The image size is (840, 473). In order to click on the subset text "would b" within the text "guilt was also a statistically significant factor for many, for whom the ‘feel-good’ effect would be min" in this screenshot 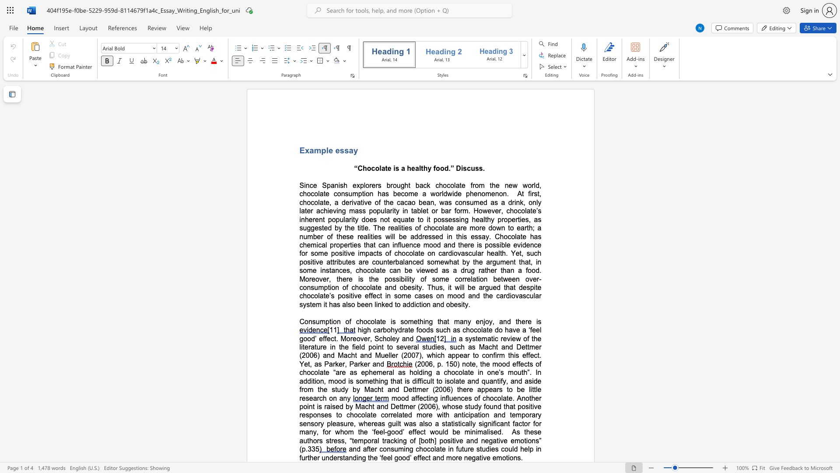, I will do `click(430, 431)`.